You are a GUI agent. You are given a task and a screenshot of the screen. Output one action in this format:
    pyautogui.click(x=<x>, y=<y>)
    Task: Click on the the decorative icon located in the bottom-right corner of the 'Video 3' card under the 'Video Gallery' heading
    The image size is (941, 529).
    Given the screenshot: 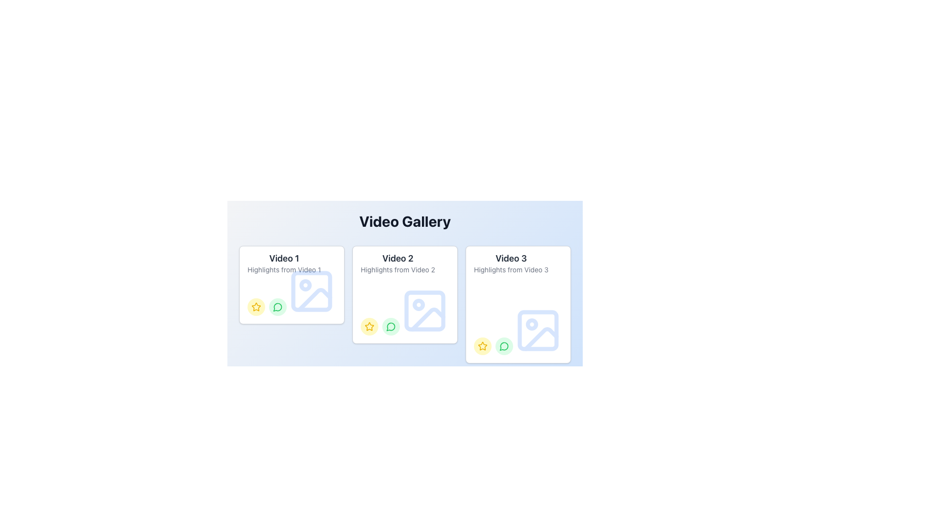 What is the action you would take?
    pyautogui.click(x=538, y=331)
    